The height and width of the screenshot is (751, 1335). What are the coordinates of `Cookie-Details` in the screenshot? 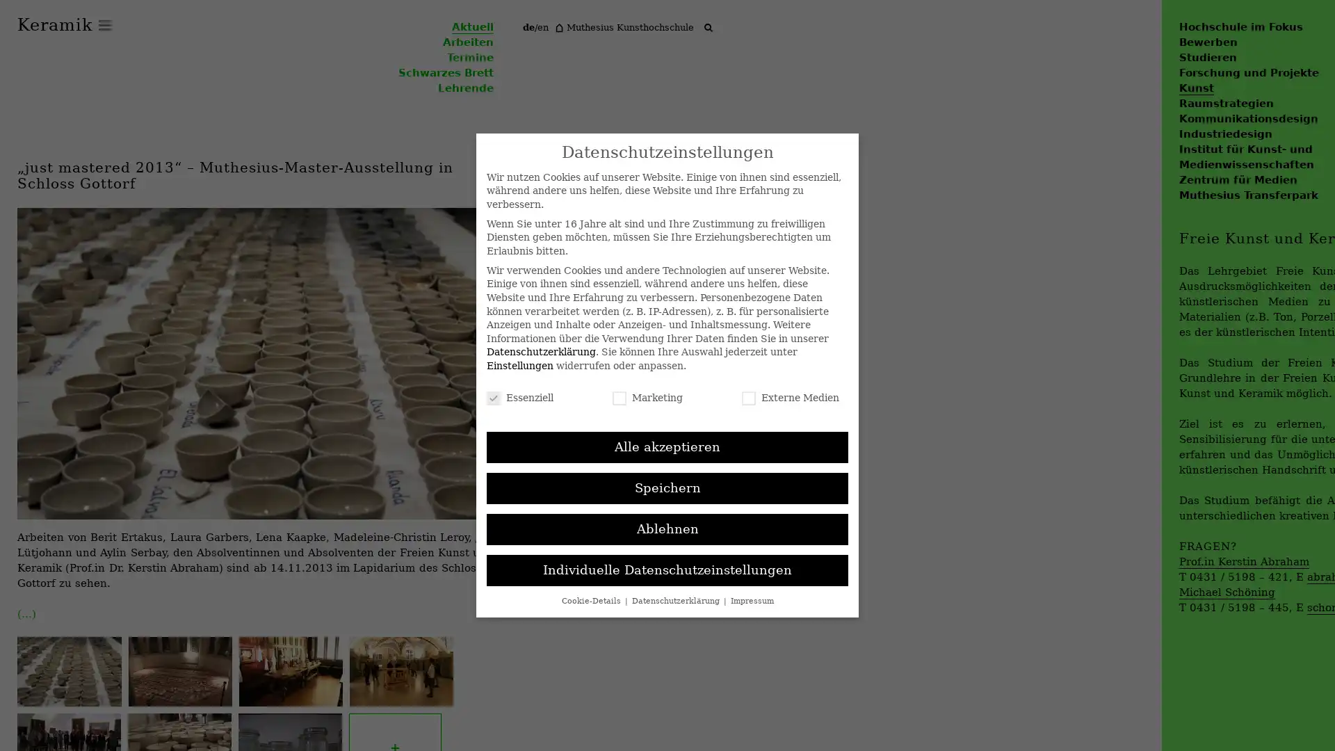 It's located at (592, 599).